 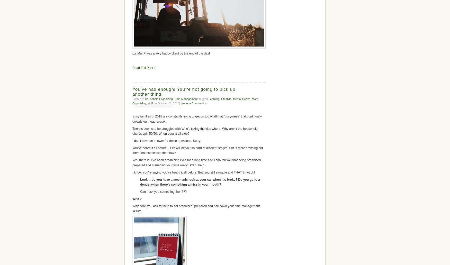 What do you see at coordinates (152, 103) in the screenshot?
I see `'on October 11, 2018|'` at bounding box center [152, 103].